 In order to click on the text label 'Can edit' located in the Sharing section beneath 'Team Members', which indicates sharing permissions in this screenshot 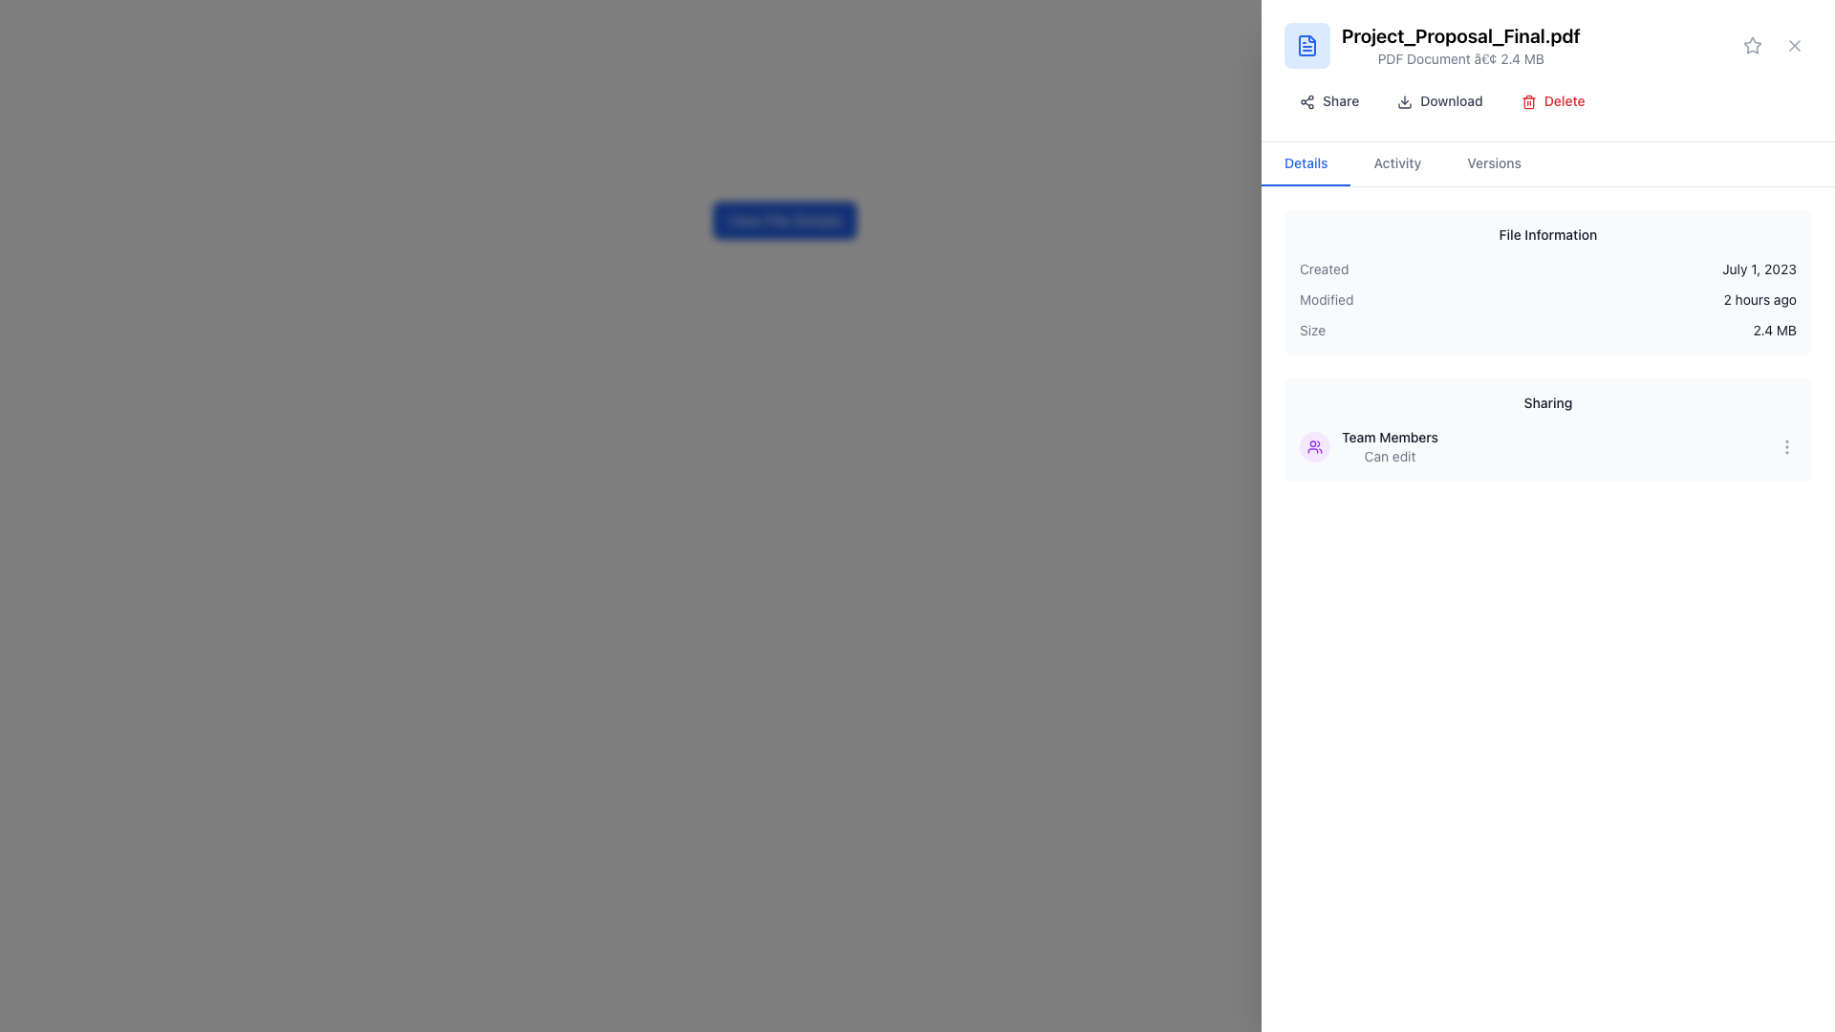, I will do `click(1390, 457)`.